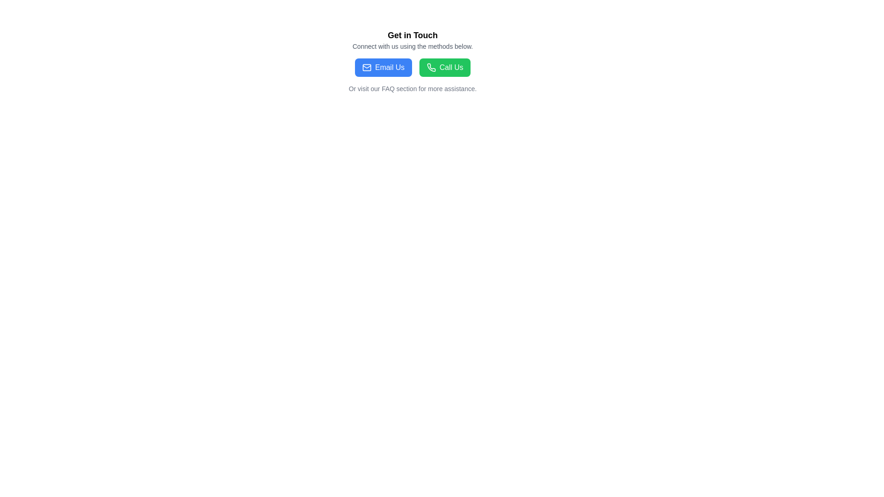 Image resolution: width=884 pixels, height=497 pixels. I want to click on the 'Email Us' button that contains an envelope icon, which visually represents email functionality, so click(366, 67).